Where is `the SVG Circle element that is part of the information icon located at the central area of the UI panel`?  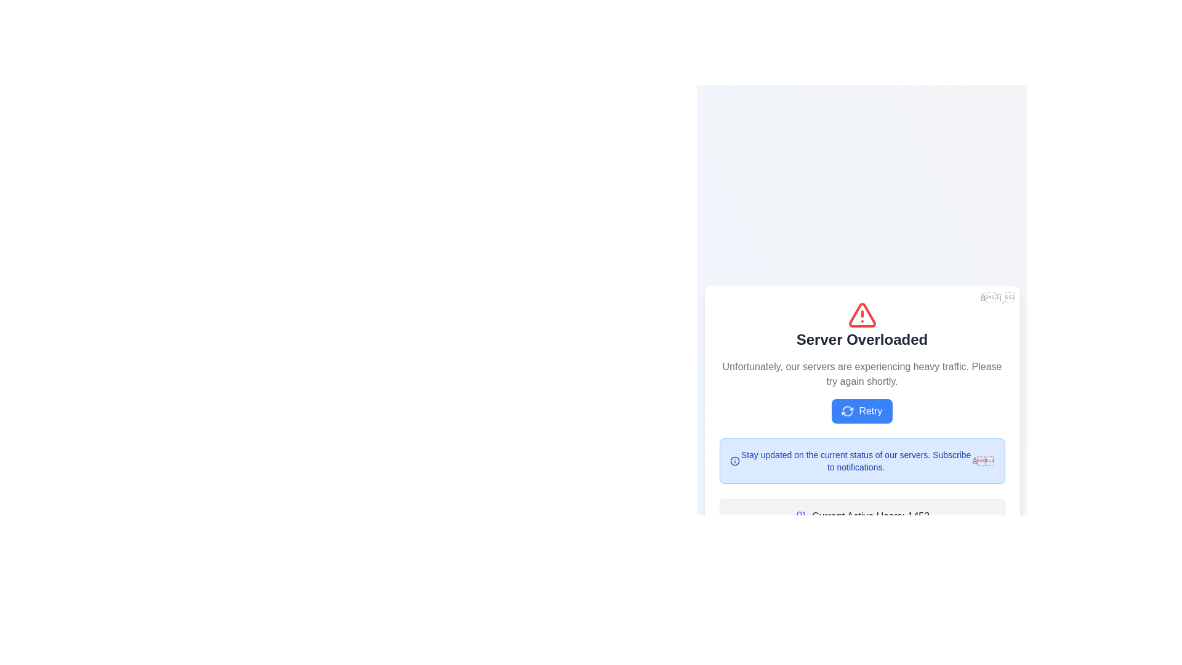 the SVG Circle element that is part of the information icon located at the central area of the UI panel is located at coordinates (734, 461).